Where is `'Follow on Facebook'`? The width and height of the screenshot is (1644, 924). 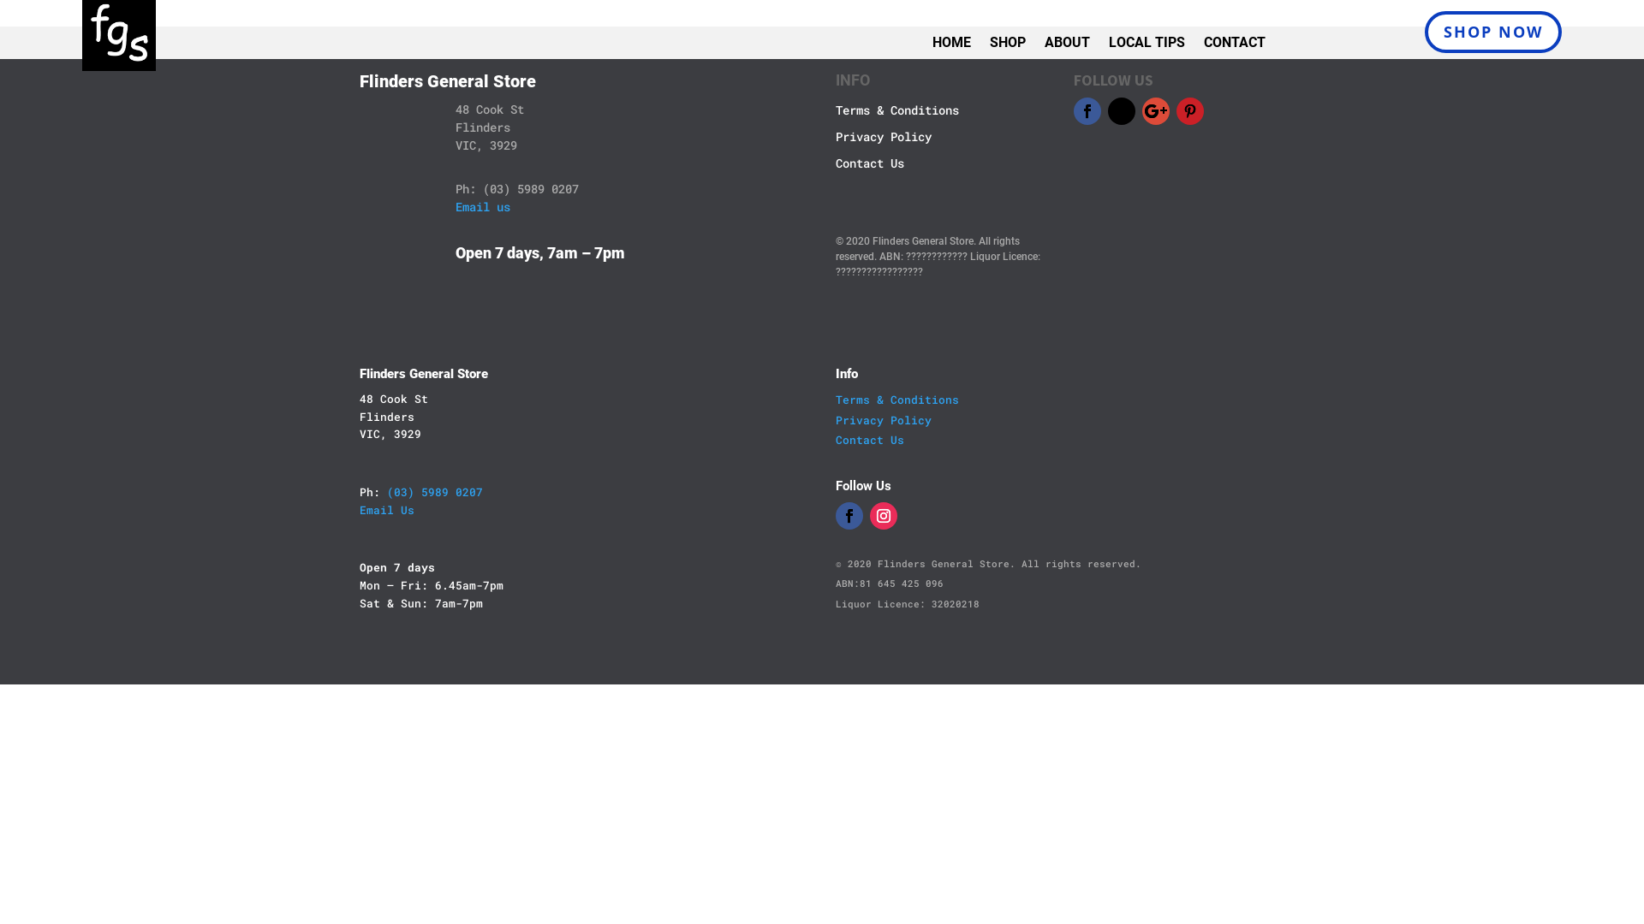
'Follow on Facebook' is located at coordinates (1087, 111).